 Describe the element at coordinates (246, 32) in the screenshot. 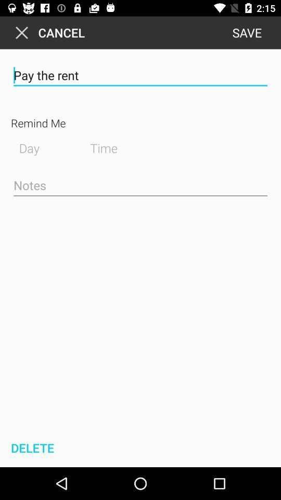

I see `the item to the right of cancel icon` at that location.